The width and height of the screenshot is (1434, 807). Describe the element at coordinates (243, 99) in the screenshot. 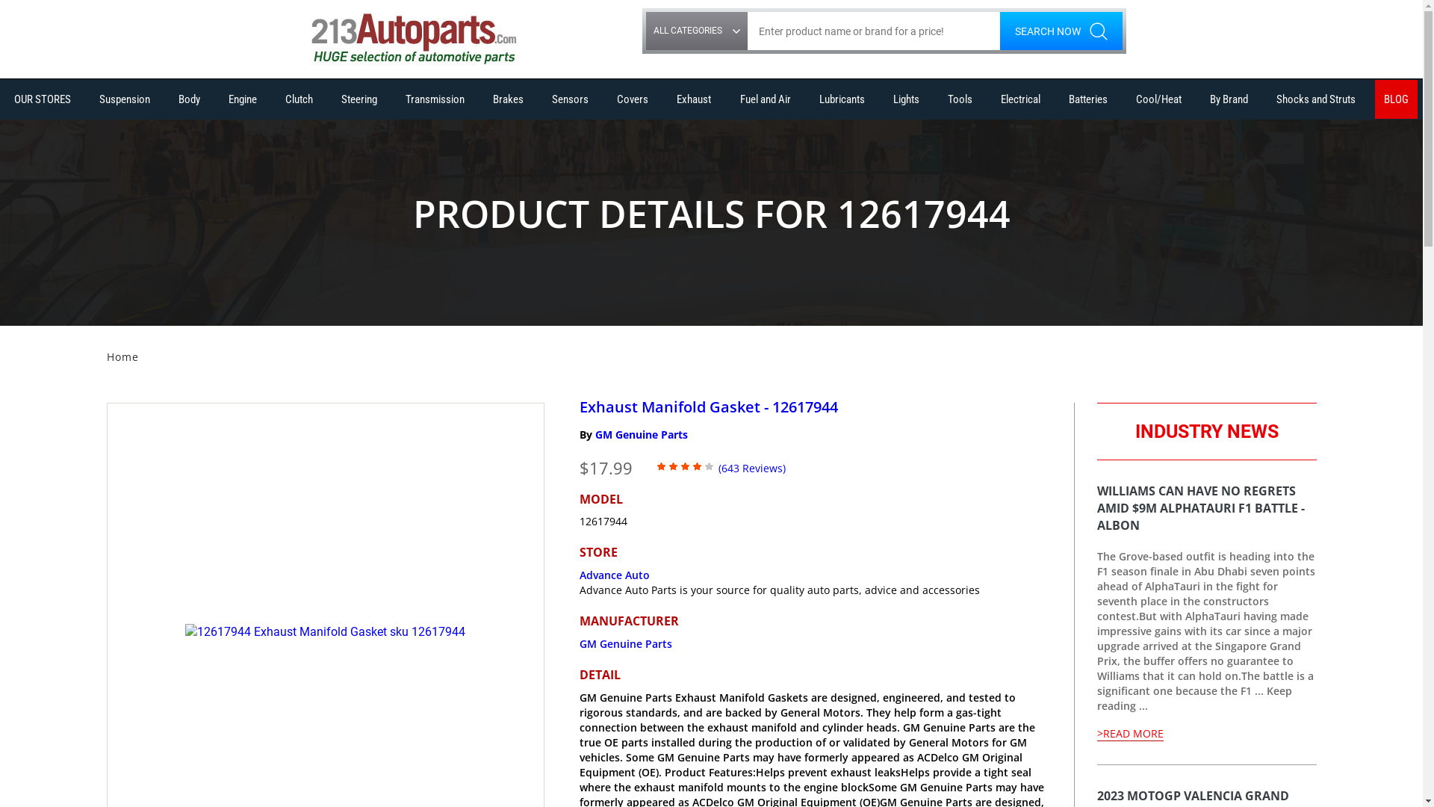

I see `'Engine'` at that location.